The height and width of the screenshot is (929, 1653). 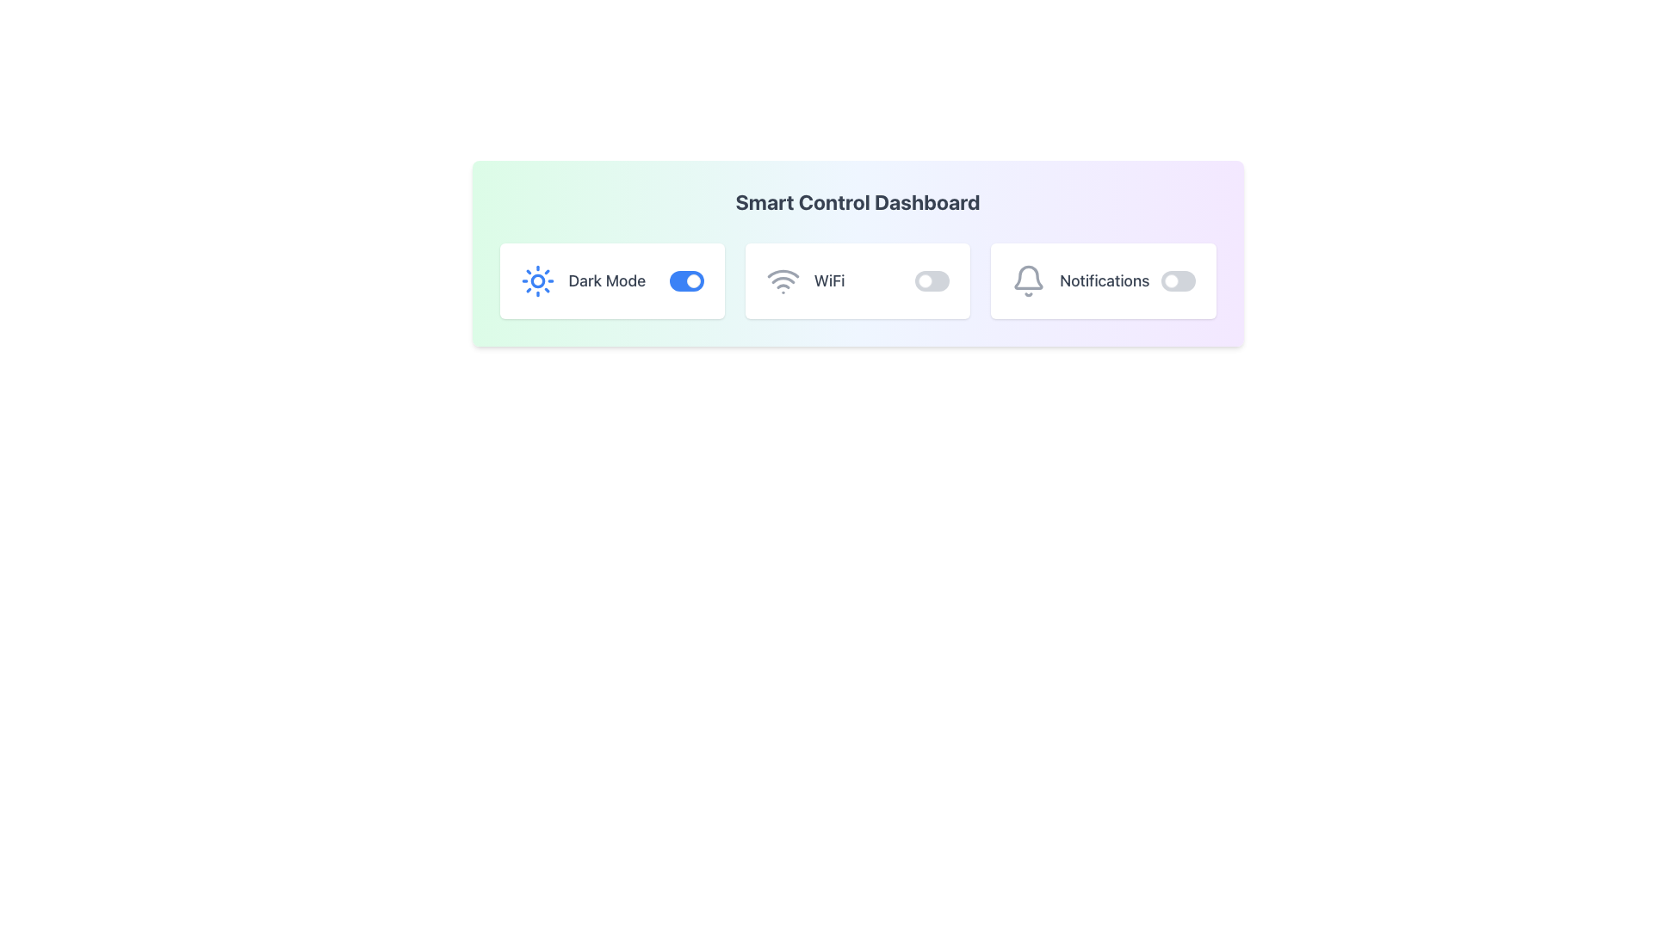 What do you see at coordinates (782, 280) in the screenshot?
I see `the visual state of the third arc of the Wi-Fi icon located in the center of the dashboard, adjacent to the 'WiFi' label and its toggle switch` at bounding box center [782, 280].